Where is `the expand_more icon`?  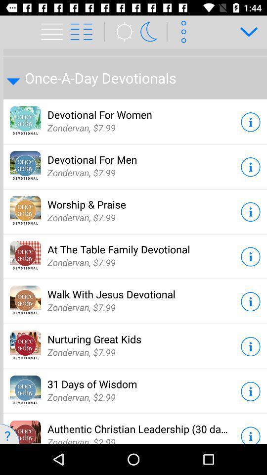 the expand_more icon is located at coordinates (245, 32).